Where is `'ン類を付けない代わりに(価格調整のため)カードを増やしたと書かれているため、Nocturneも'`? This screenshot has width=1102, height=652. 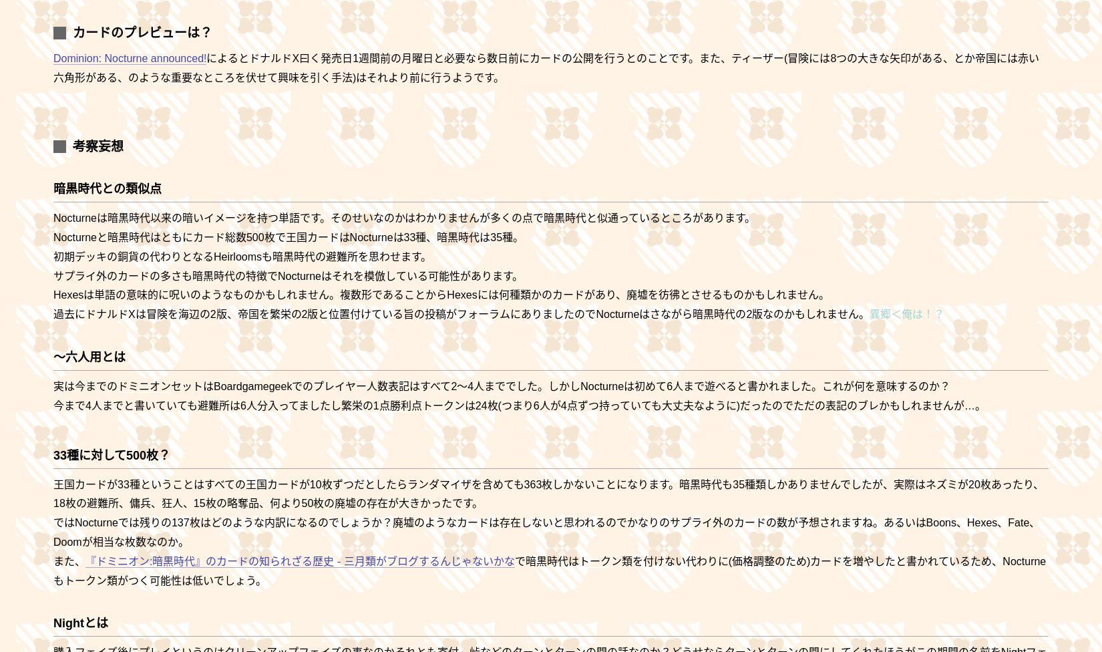
'ン類を付けない代わりに(価格調整のため)カードを増やしたと書かれているため、Nocturneも' is located at coordinates (549, 570).